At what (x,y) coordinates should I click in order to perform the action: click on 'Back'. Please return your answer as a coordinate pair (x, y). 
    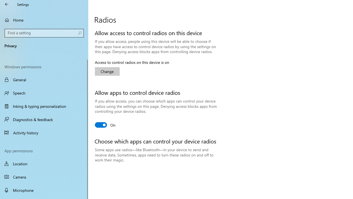
    Looking at the image, I should click on (7, 4).